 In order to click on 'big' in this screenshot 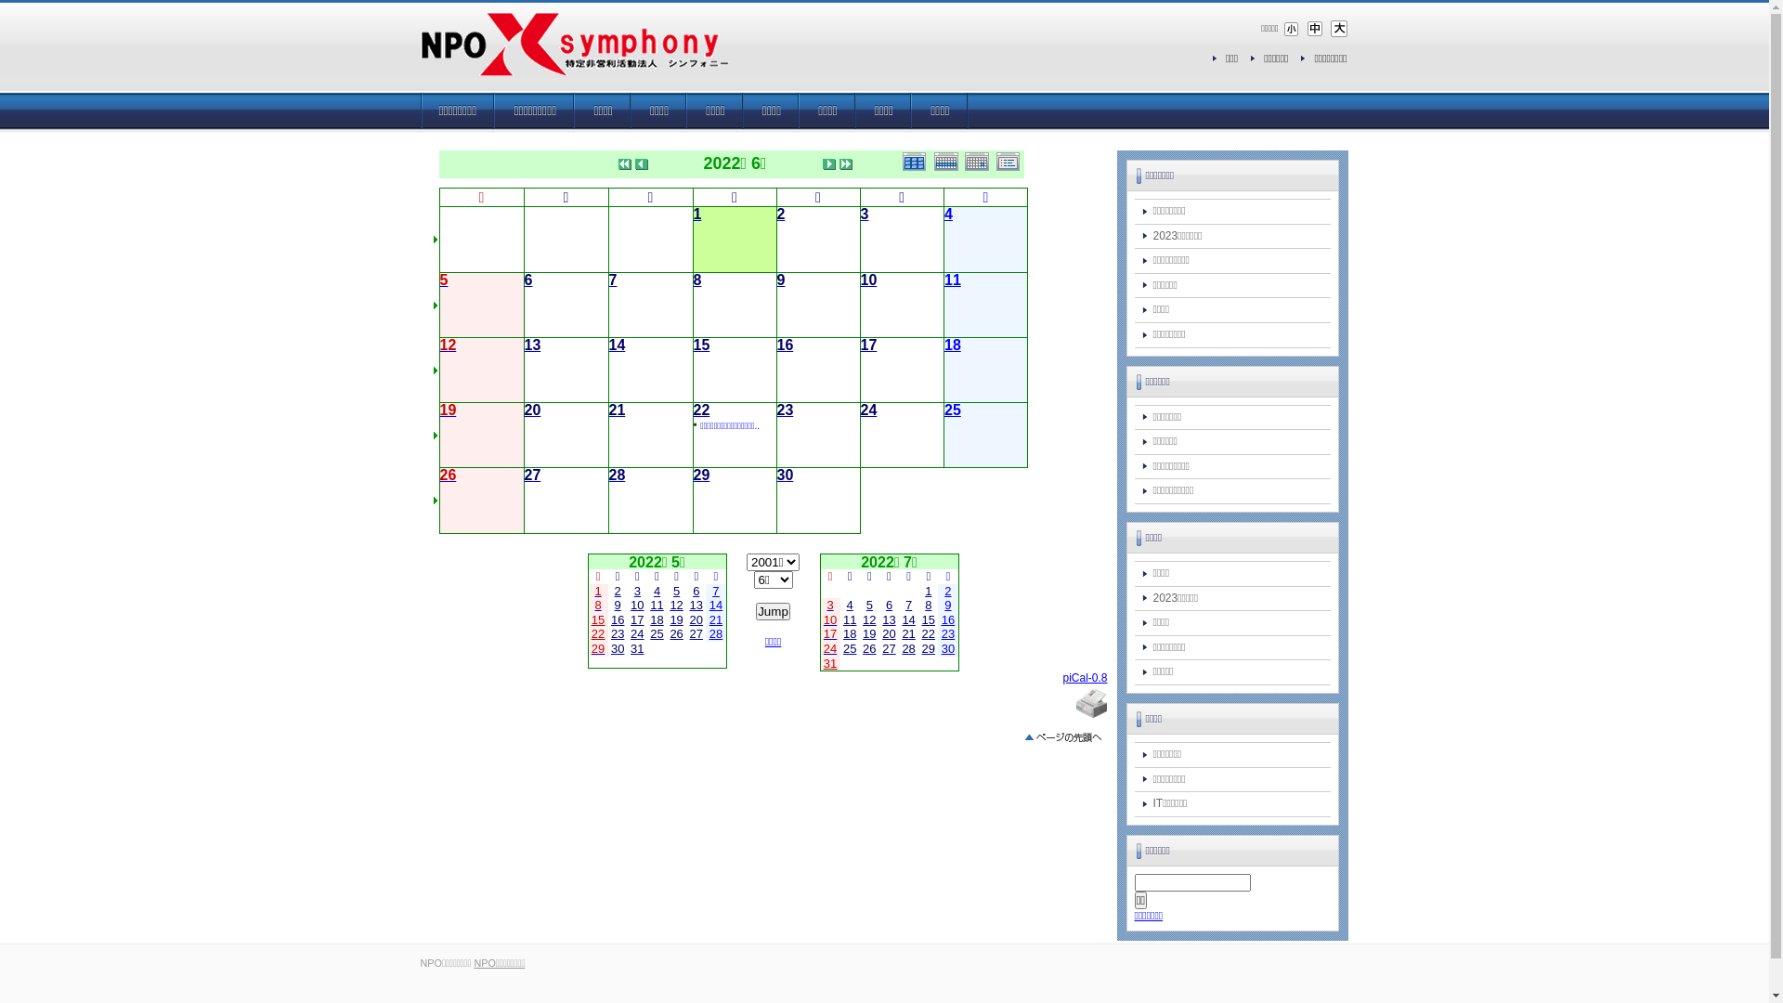, I will do `click(1337, 28)`.